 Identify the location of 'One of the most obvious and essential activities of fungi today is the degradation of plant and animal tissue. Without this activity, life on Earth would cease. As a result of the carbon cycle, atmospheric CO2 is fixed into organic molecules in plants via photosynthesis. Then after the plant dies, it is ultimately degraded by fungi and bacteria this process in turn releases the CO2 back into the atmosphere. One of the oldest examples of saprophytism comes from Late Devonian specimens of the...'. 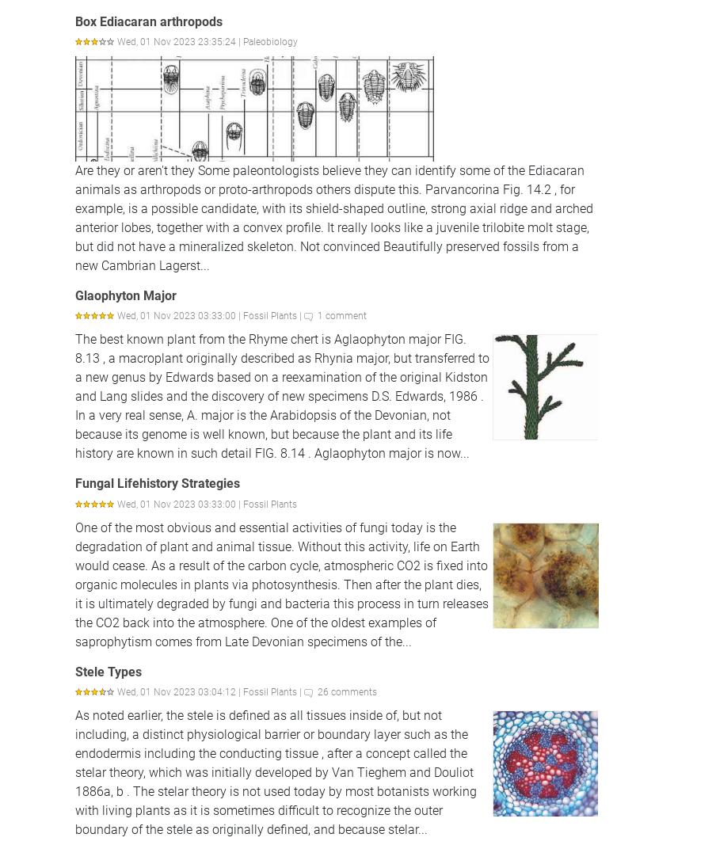
(75, 583).